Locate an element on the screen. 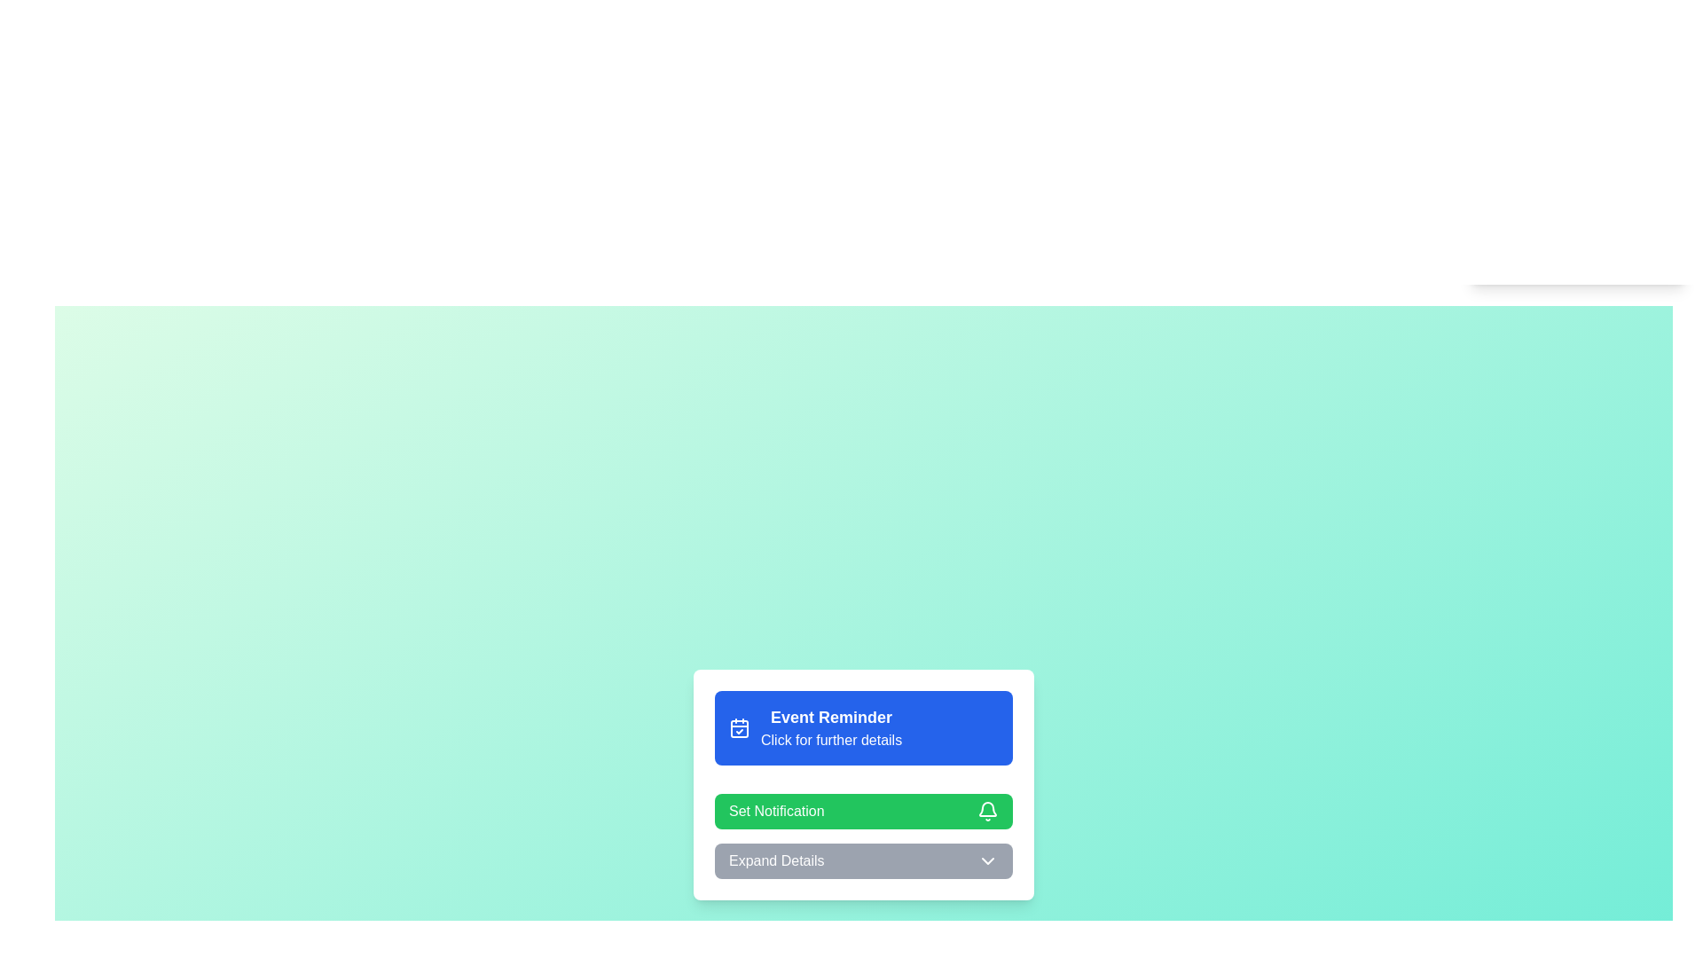 The width and height of the screenshot is (1703, 958). the calendar icon with a checkmark inside it, located in the 'Event Reminder' section above the 'Click for further details' text, styled in white on a blue background is located at coordinates (740, 728).